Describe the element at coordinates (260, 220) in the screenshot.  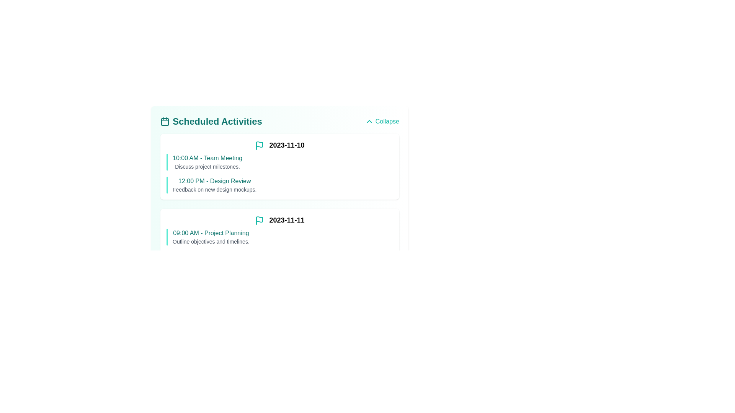
I see `the teal SVG graphical element shaped like a waving flag, positioned beside the date '2023-11-10' in the UI` at that location.